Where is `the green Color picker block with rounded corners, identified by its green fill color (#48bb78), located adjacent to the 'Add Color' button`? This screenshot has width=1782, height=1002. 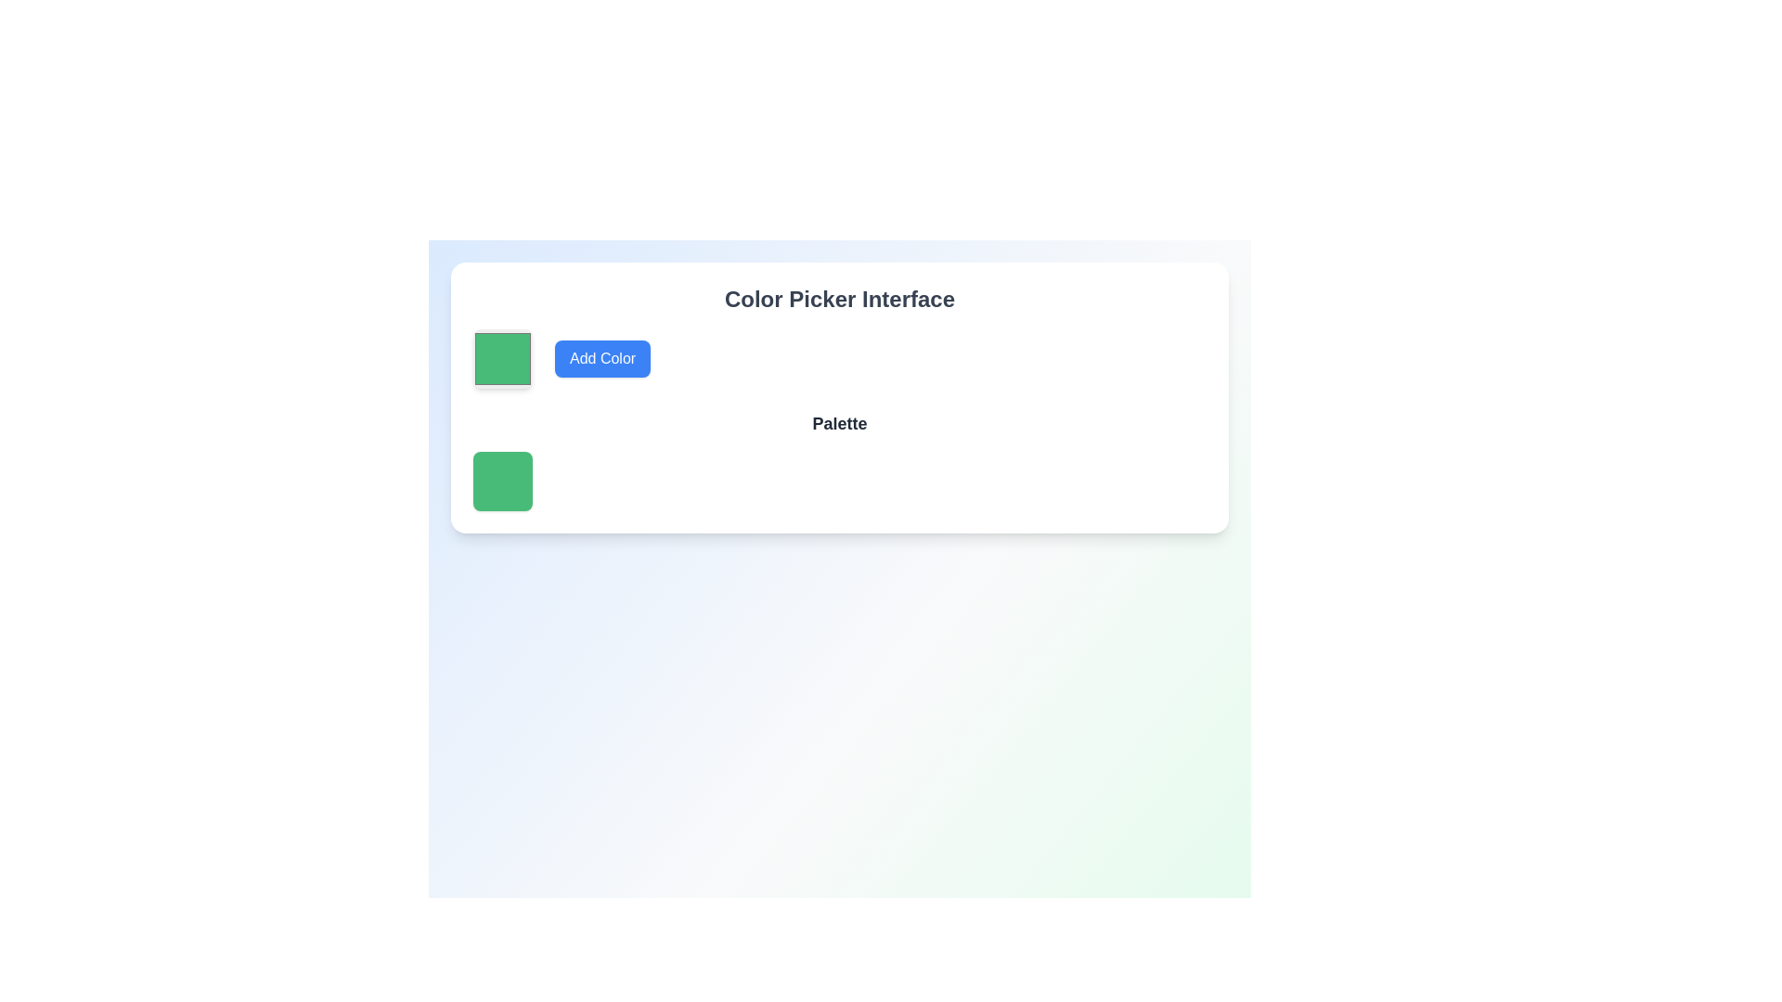 the green Color picker block with rounded corners, identified by its green fill color (#48bb78), located adjacent to the 'Add Color' button is located at coordinates (503, 358).